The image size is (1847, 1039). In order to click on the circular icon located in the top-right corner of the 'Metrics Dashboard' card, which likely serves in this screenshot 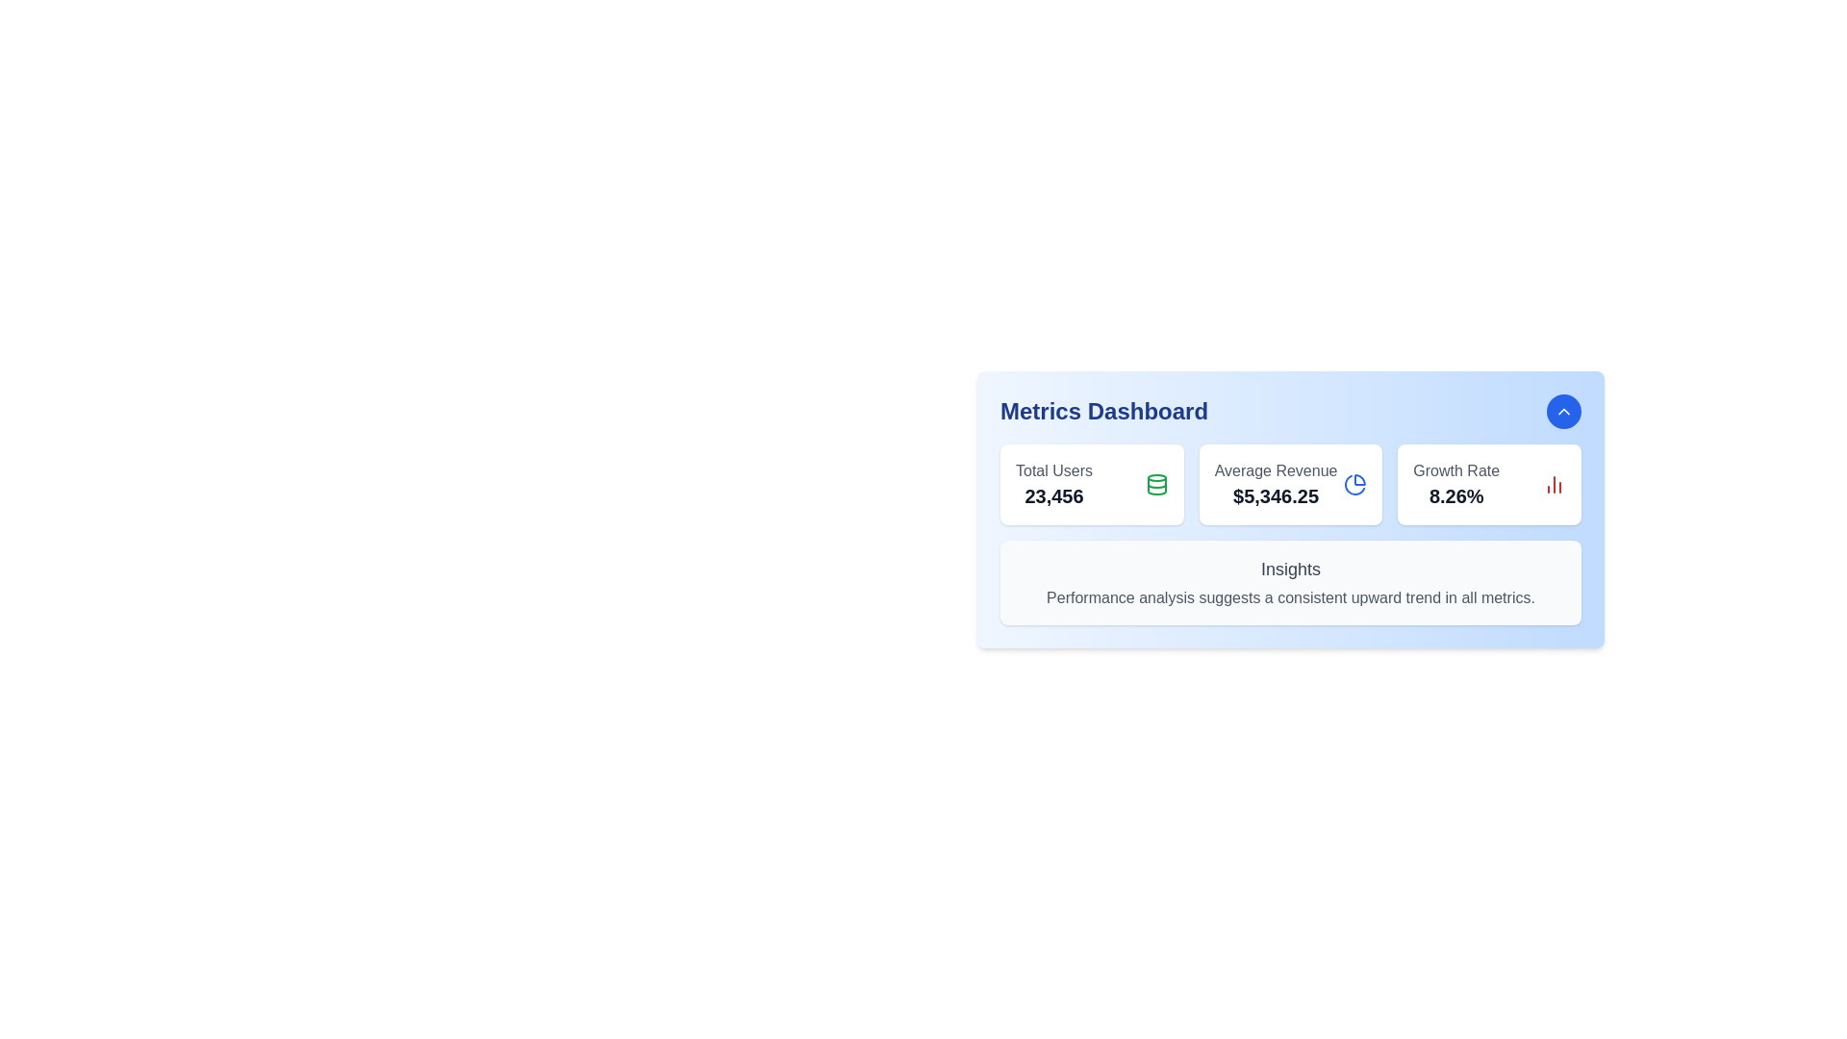, I will do `click(1564, 411)`.